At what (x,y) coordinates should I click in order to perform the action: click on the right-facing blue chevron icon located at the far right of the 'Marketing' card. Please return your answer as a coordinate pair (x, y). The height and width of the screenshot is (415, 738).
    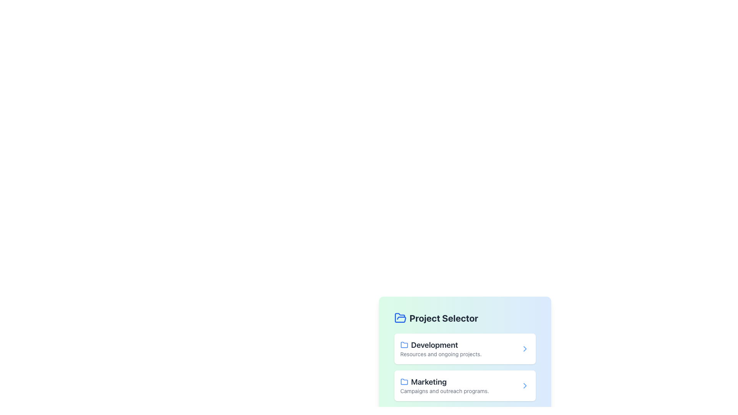
    Looking at the image, I should click on (524, 385).